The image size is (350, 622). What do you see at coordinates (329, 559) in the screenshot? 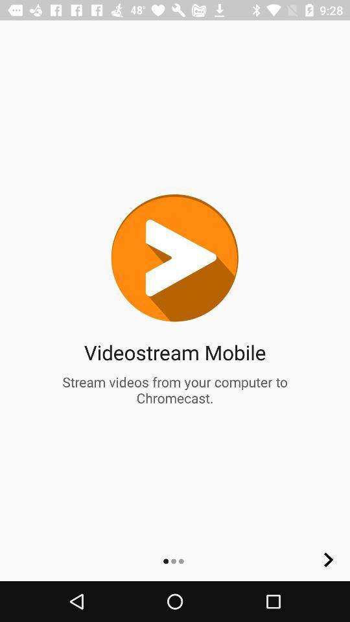
I see `the arrow_forward icon` at bounding box center [329, 559].